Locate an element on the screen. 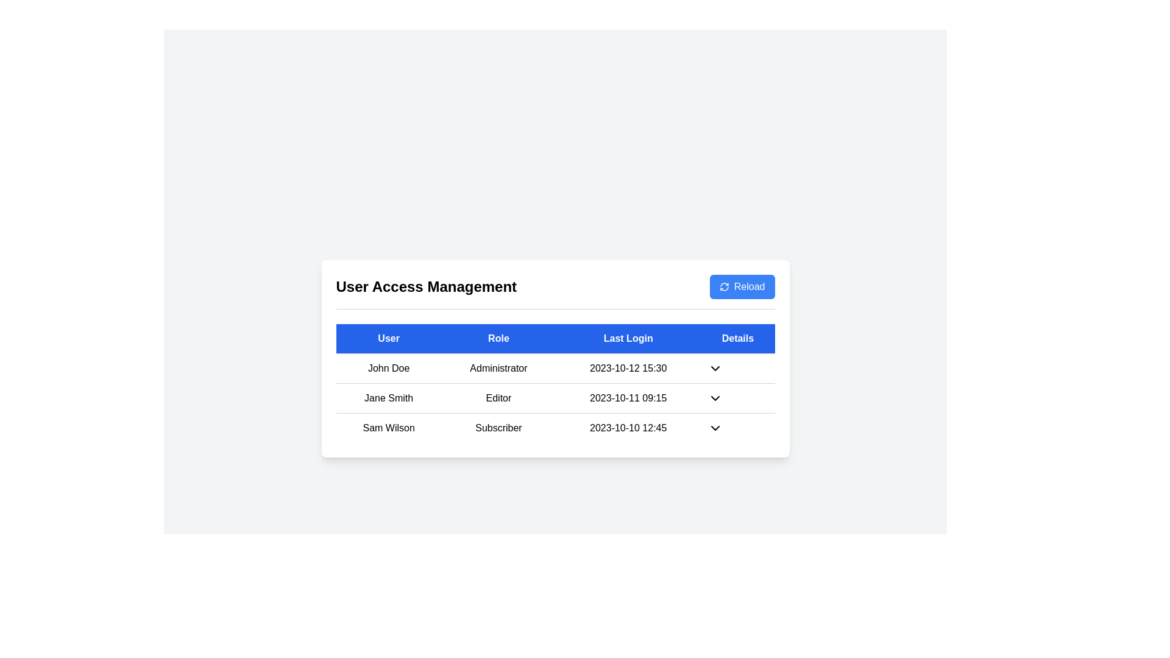 The image size is (1170, 658). the circular arrows icon indicating a reload action, which has a blue background and white outline, located on the left side of the 'Reload' button is located at coordinates (724, 286).